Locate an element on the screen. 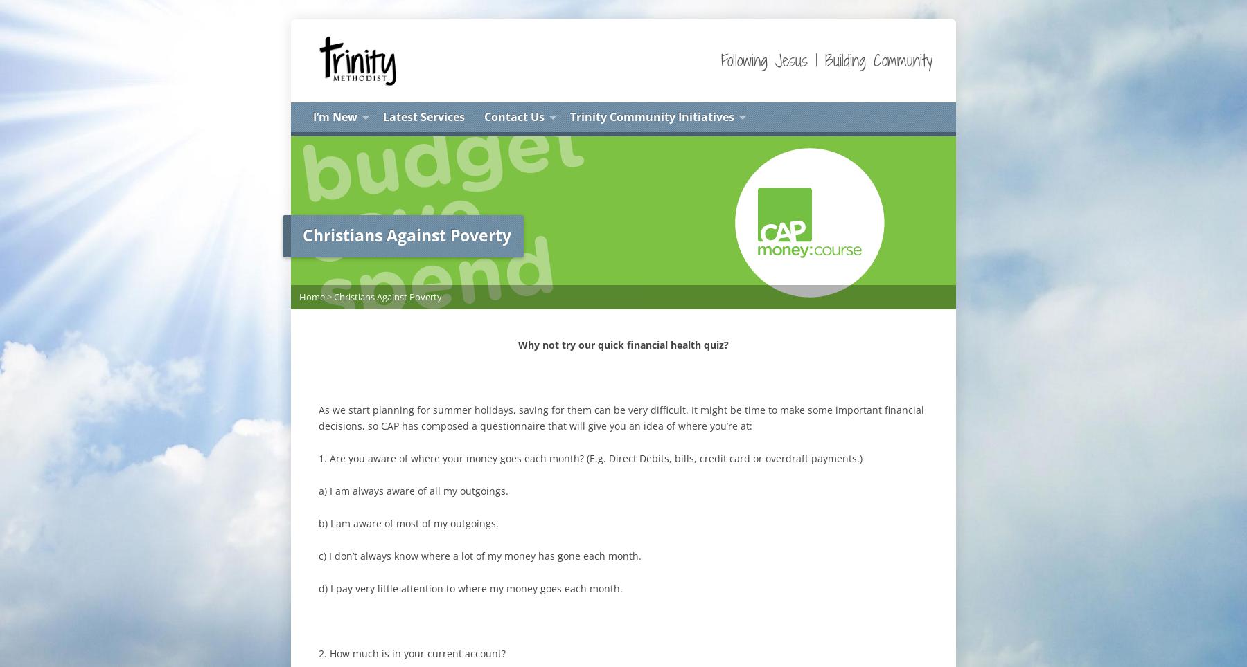 The image size is (1247, 667). '1. Are you aware of where your money goes each month? (E.g. Direct Debits, bills, credit card or overdraft payments.)' is located at coordinates (590, 457).